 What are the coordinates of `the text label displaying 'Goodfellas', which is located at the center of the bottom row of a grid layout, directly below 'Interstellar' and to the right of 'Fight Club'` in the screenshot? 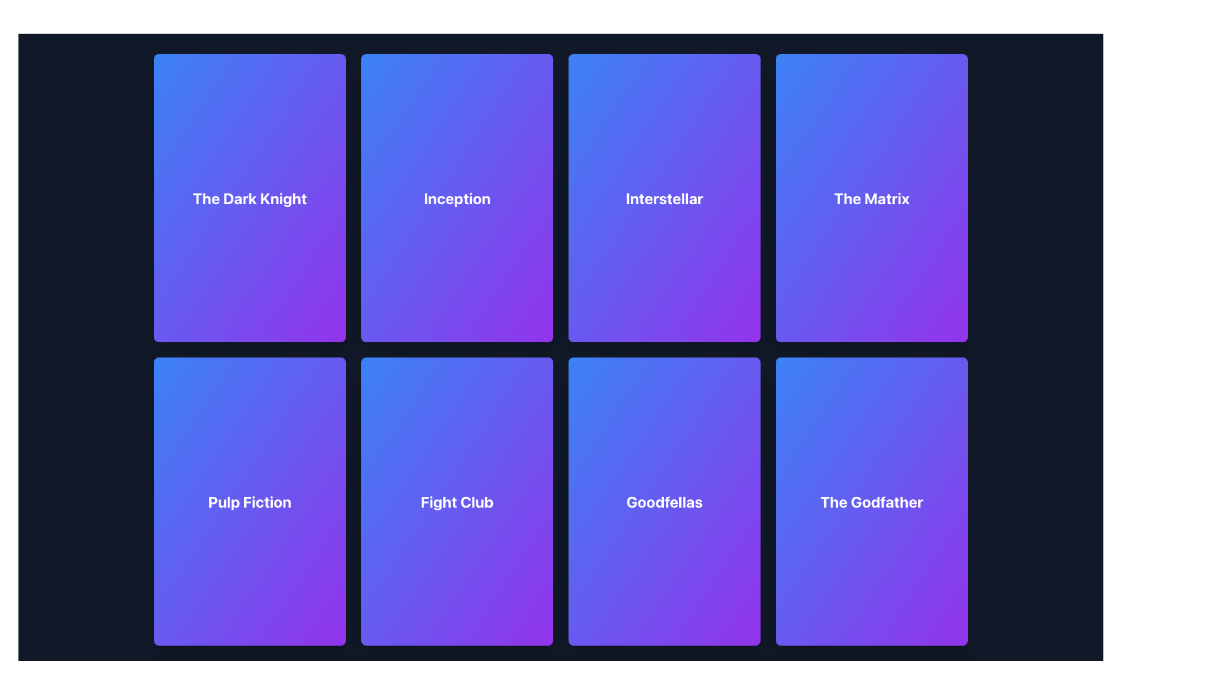 It's located at (664, 500).